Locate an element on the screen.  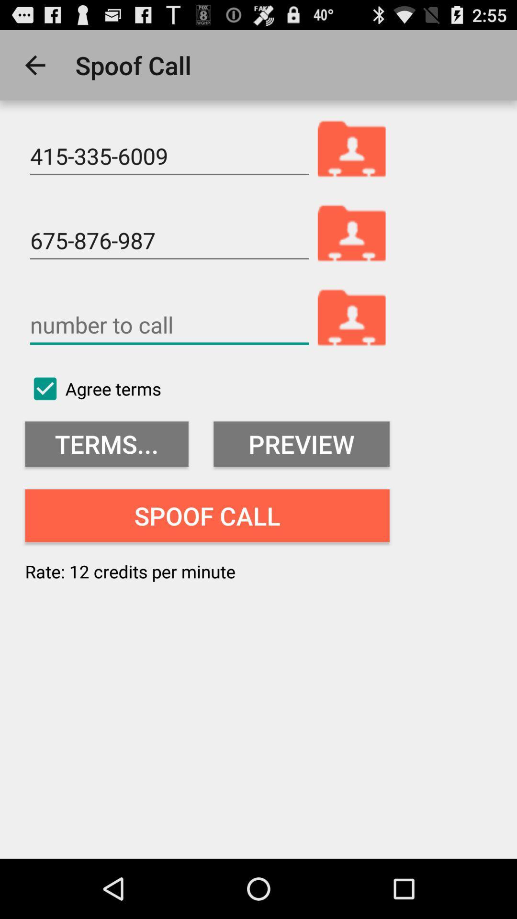
terms... item is located at coordinates (107, 443).